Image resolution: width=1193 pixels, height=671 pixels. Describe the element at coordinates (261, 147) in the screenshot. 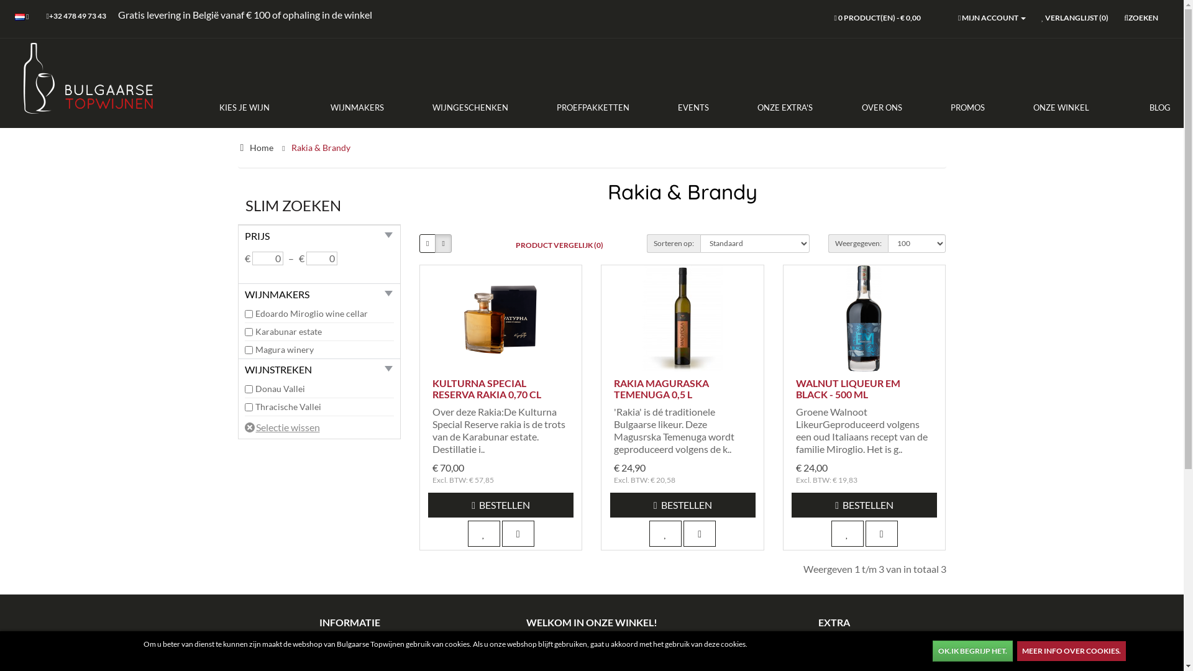

I see `'Home'` at that location.